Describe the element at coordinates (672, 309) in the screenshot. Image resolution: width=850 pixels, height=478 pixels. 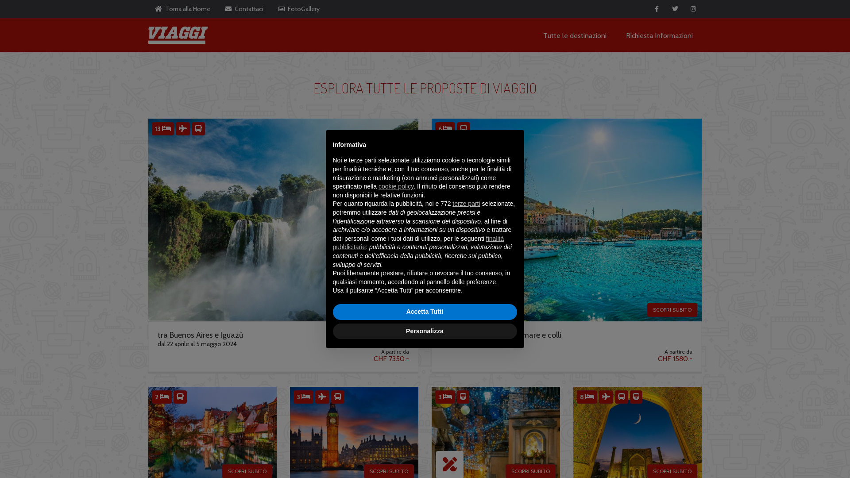
I see `'SCOPRI SUBITO'` at that location.